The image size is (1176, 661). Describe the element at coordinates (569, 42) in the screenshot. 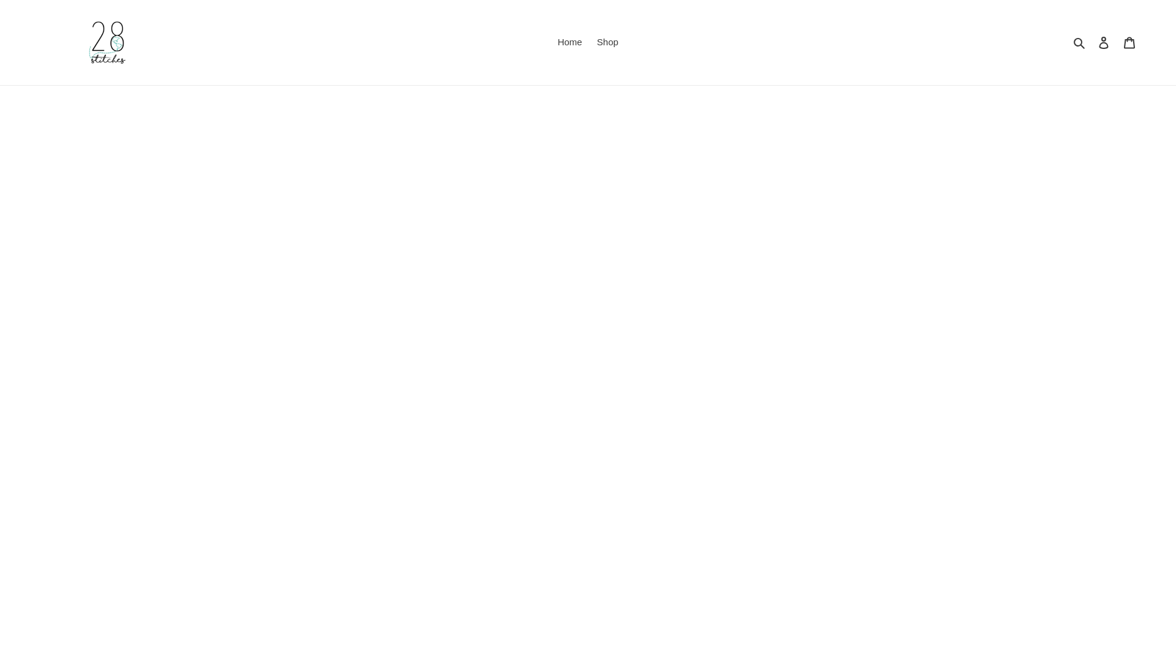

I see `'Home'` at that location.